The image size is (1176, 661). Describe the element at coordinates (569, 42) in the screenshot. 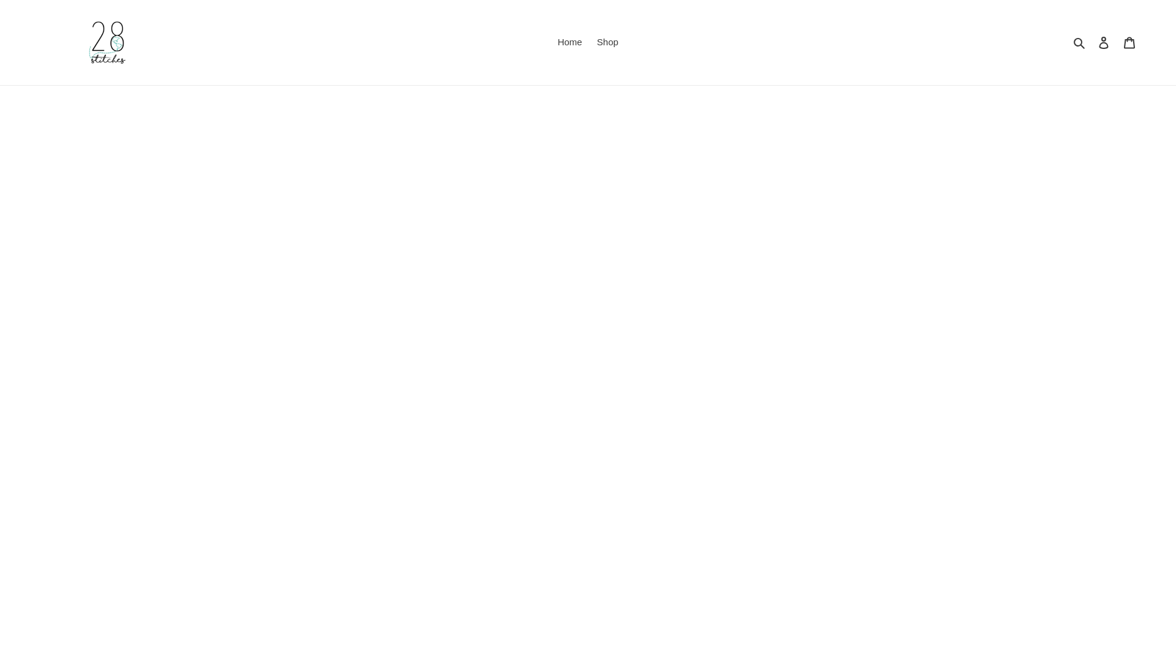

I see `'Home'` at that location.